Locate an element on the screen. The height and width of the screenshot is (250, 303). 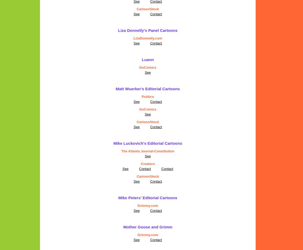
'Mike Luckovich's Editorial Cartoons' is located at coordinates (148, 143).